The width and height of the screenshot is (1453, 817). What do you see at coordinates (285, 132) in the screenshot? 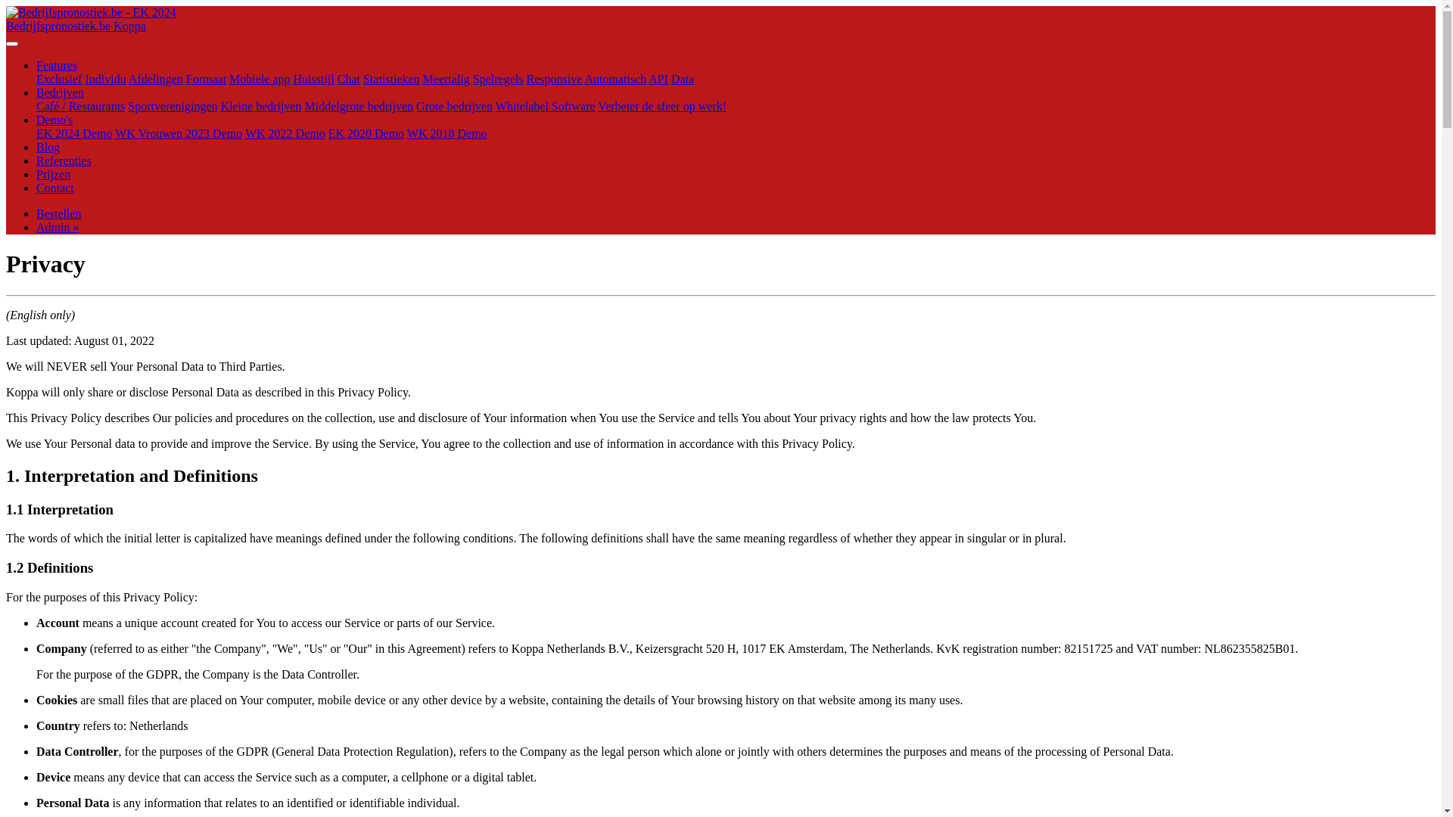
I see `'WK 2022 Demo'` at bounding box center [285, 132].